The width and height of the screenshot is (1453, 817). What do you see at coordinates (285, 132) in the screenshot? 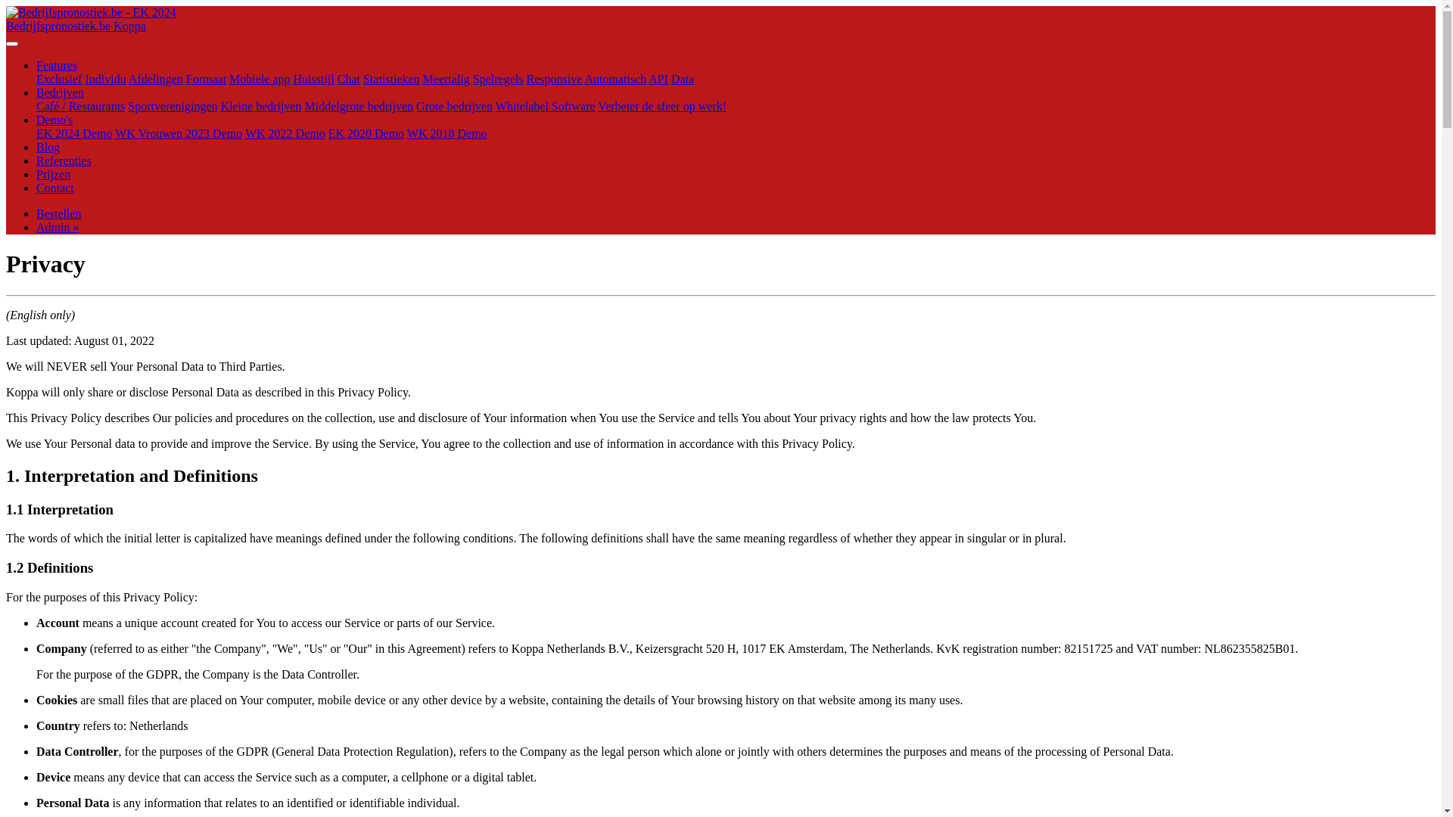
I see `'WK 2022 Demo'` at bounding box center [285, 132].